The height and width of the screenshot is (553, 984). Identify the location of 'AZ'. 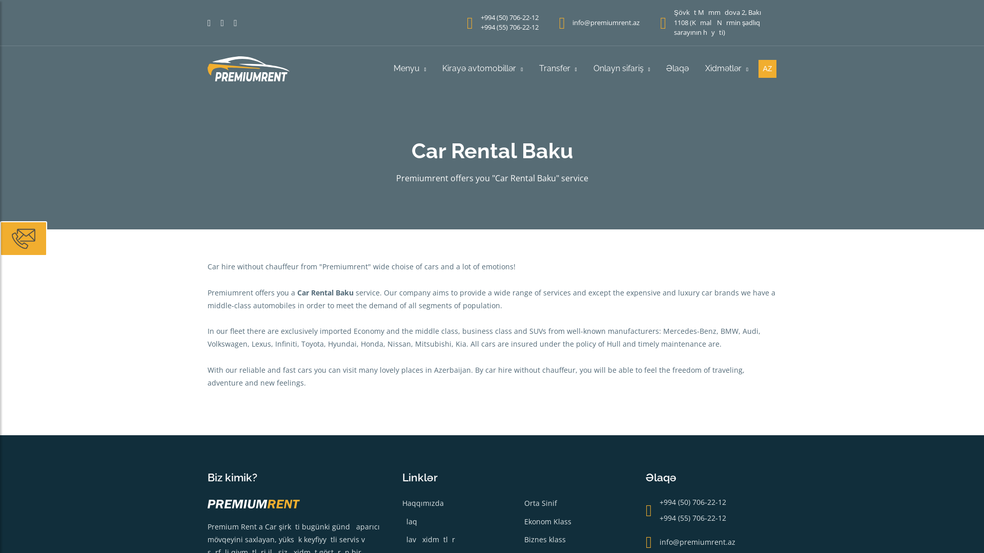
(767, 69).